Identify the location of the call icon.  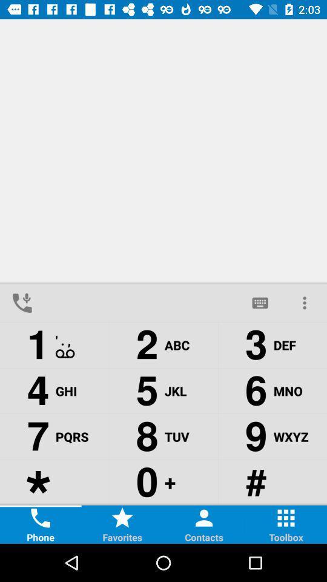
(22, 302).